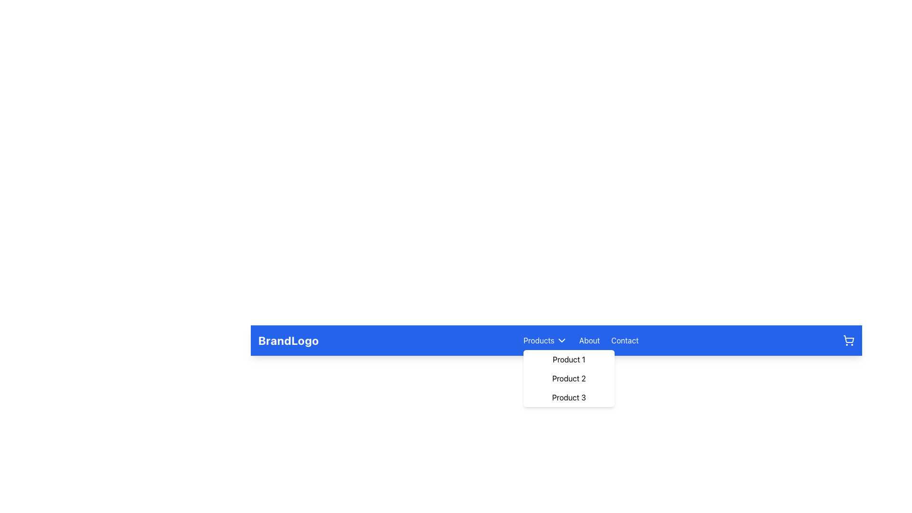 This screenshot has width=912, height=513. What do you see at coordinates (569, 398) in the screenshot?
I see `the third interactive menu item in the 'Products' section, which is related to 'Product 3', to trigger the hover effect` at bounding box center [569, 398].